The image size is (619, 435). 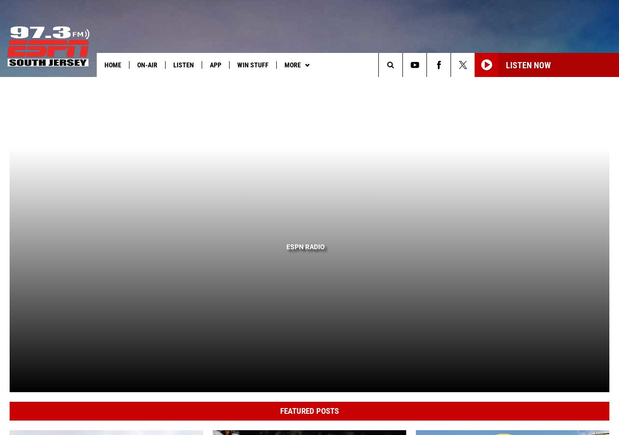 What do you see at coordinates (309, 85) in the screenshot?
I see `'Flyers'` at bounding box center [309, 85].